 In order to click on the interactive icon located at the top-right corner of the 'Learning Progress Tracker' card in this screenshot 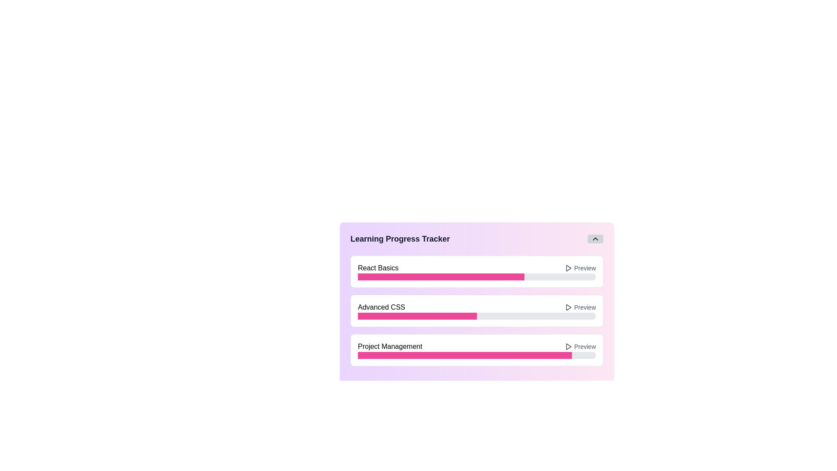, I will do `click(595, 239)`.